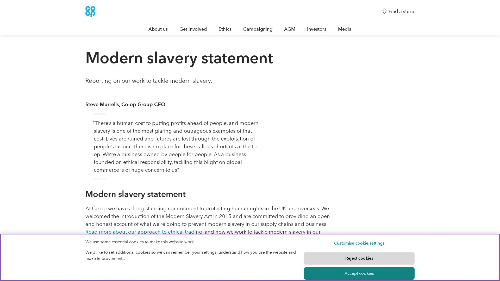  Describe the element at coordinates (359, 258) in the screenshot. I see `Reject cookies` at that location.